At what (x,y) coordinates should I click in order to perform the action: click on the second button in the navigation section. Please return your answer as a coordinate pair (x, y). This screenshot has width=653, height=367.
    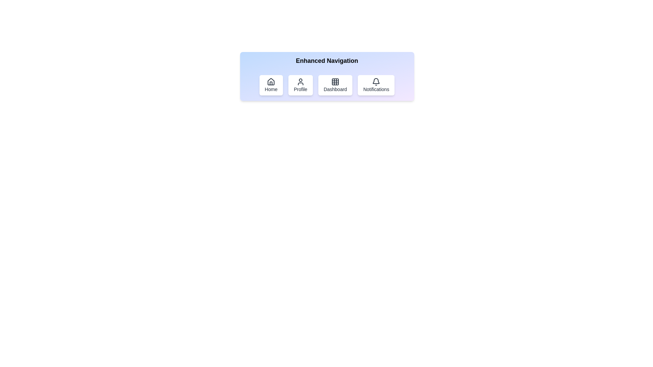
    Looking at the image, I should click on (300, 85).